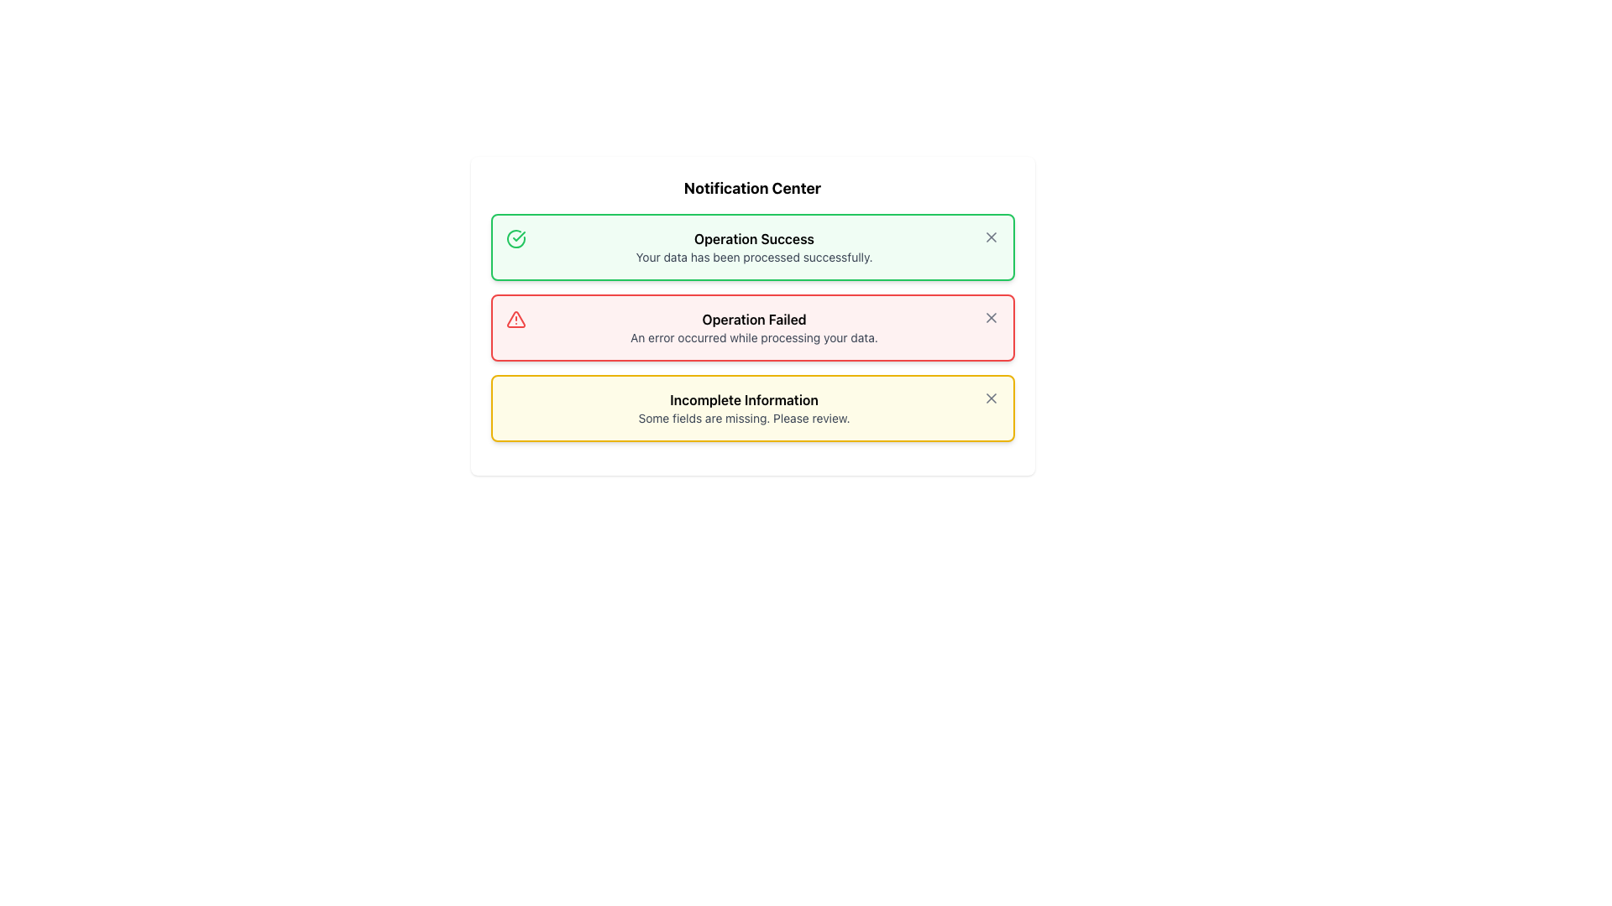 The image size is (1612, 906). Describe the element at coordinates (743, 408) in the screenshot. I see `the static text block that indicates 'Incomplete Information' with a yellow background, located in the third notification box from the top in the notification center` at that location.